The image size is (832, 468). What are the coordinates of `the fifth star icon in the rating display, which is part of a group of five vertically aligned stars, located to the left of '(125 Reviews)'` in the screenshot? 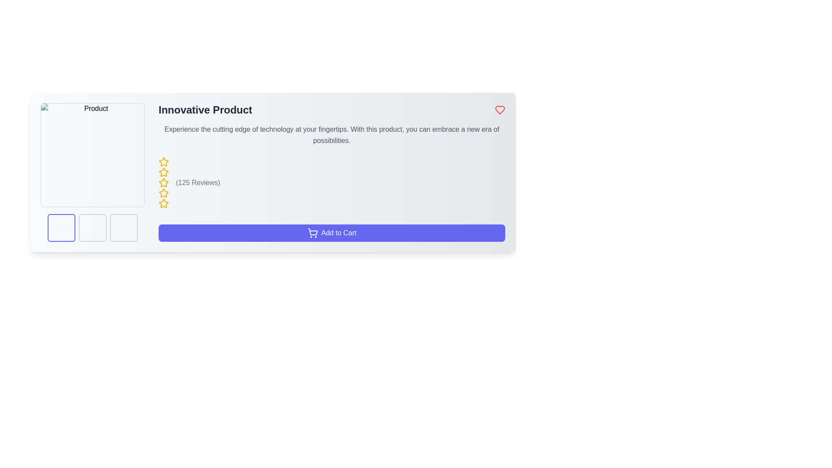 It's located at (164, 204).